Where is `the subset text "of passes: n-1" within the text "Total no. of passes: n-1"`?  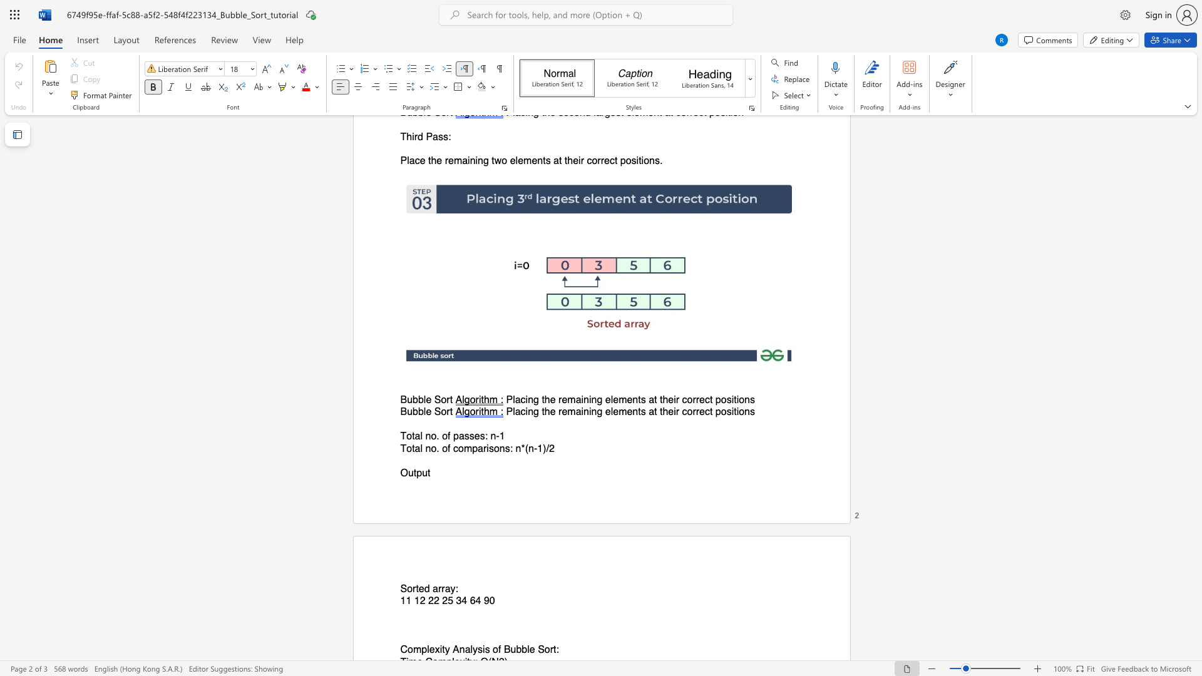
the subset text "of passes: n-1" within the text "Total no. of passes: n-1" is located at coordinates (442, 436).